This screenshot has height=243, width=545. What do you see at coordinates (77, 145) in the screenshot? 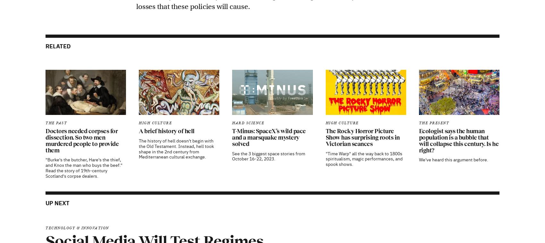
I see `'Technology & Innovation'` at bounding box center [77, 145].